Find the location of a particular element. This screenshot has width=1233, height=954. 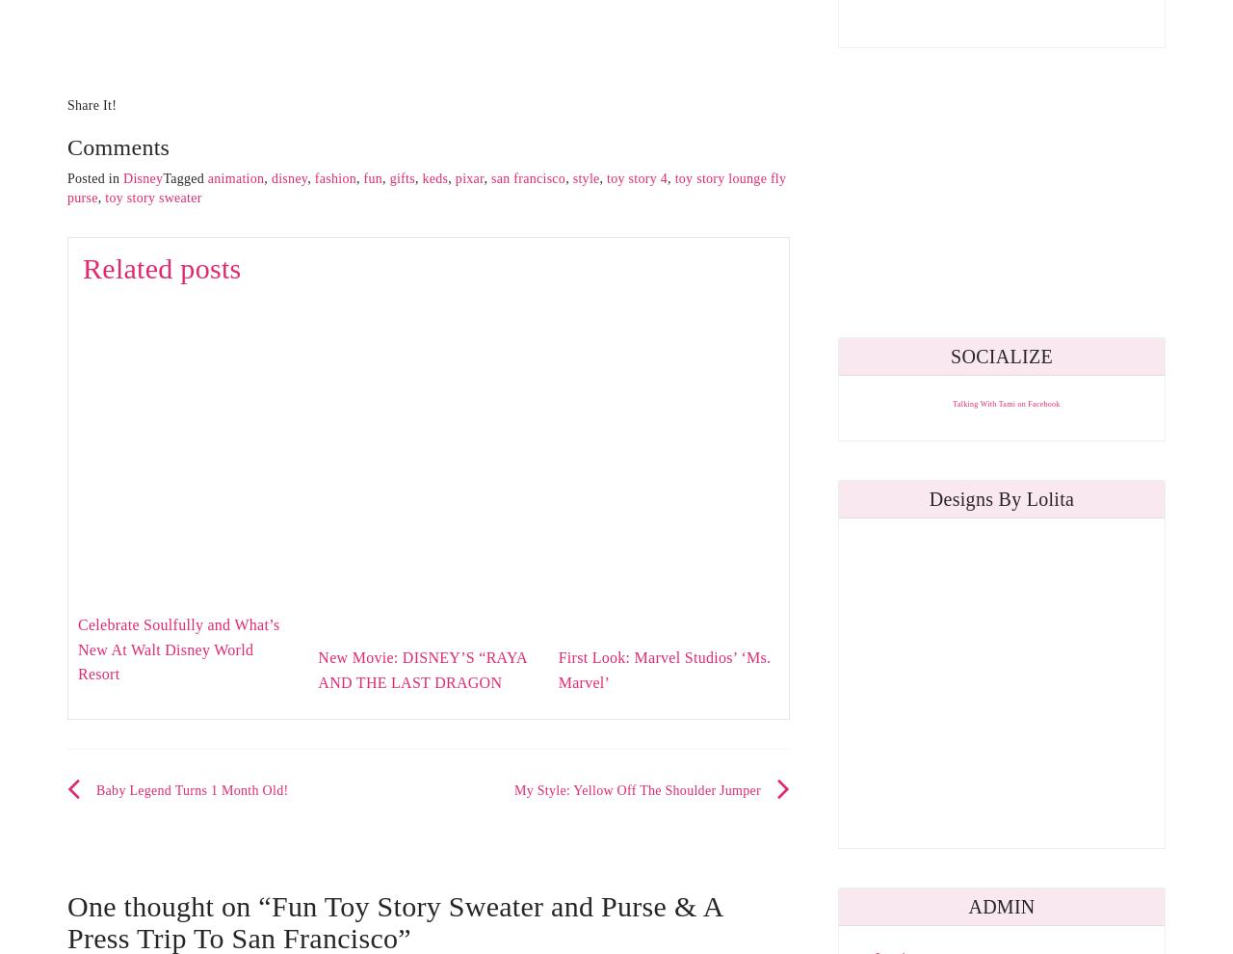

'Talking With Tami on Facebook' is located at coordinates (953, 403).